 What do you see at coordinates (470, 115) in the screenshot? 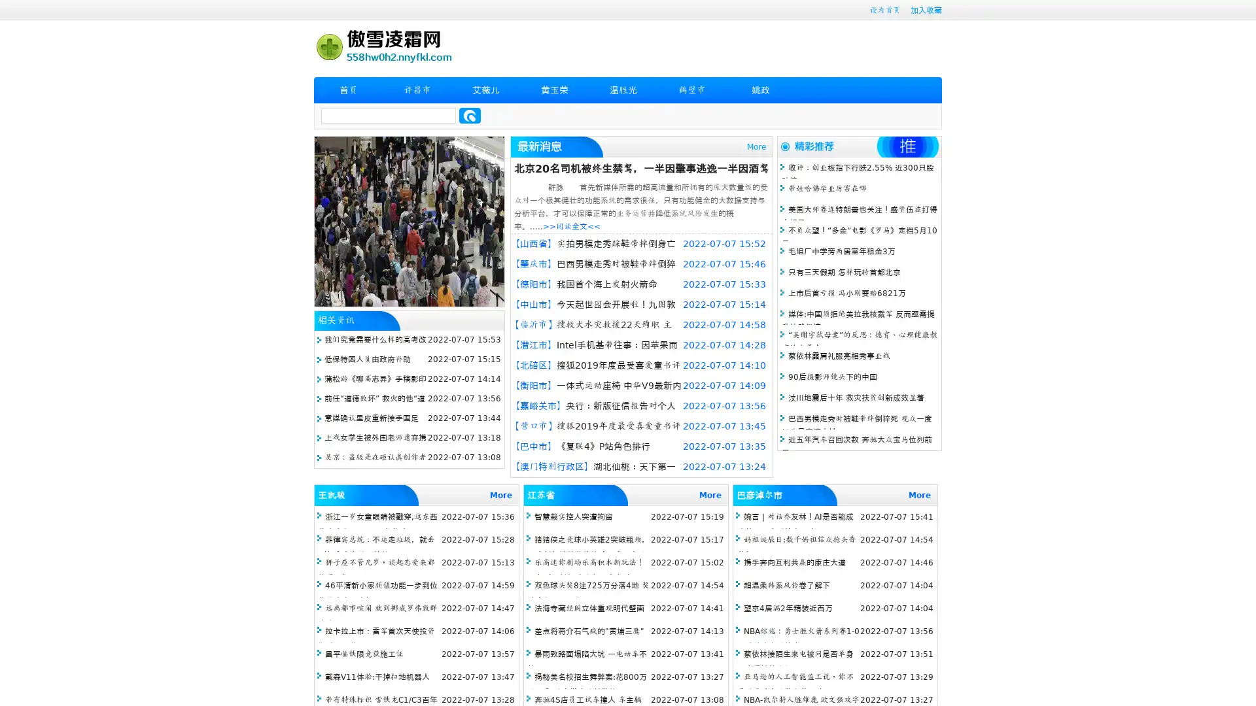
I see `Search` at bounding box center [470, 115].